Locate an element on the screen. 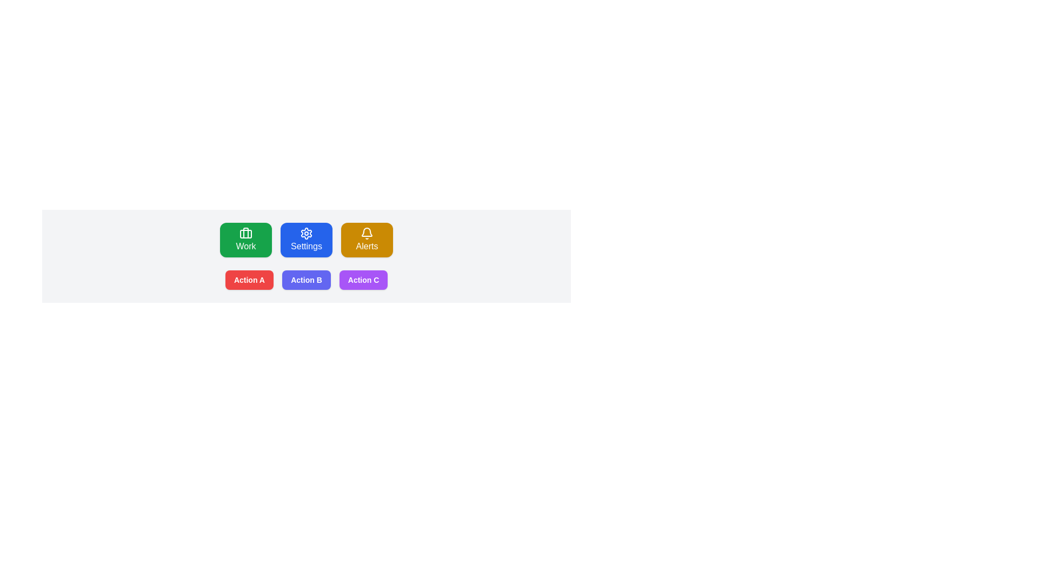  the text label reading 'Work' within the interactive button that has a green background and a briefcase icon above it is located at coordinates (245, 246).